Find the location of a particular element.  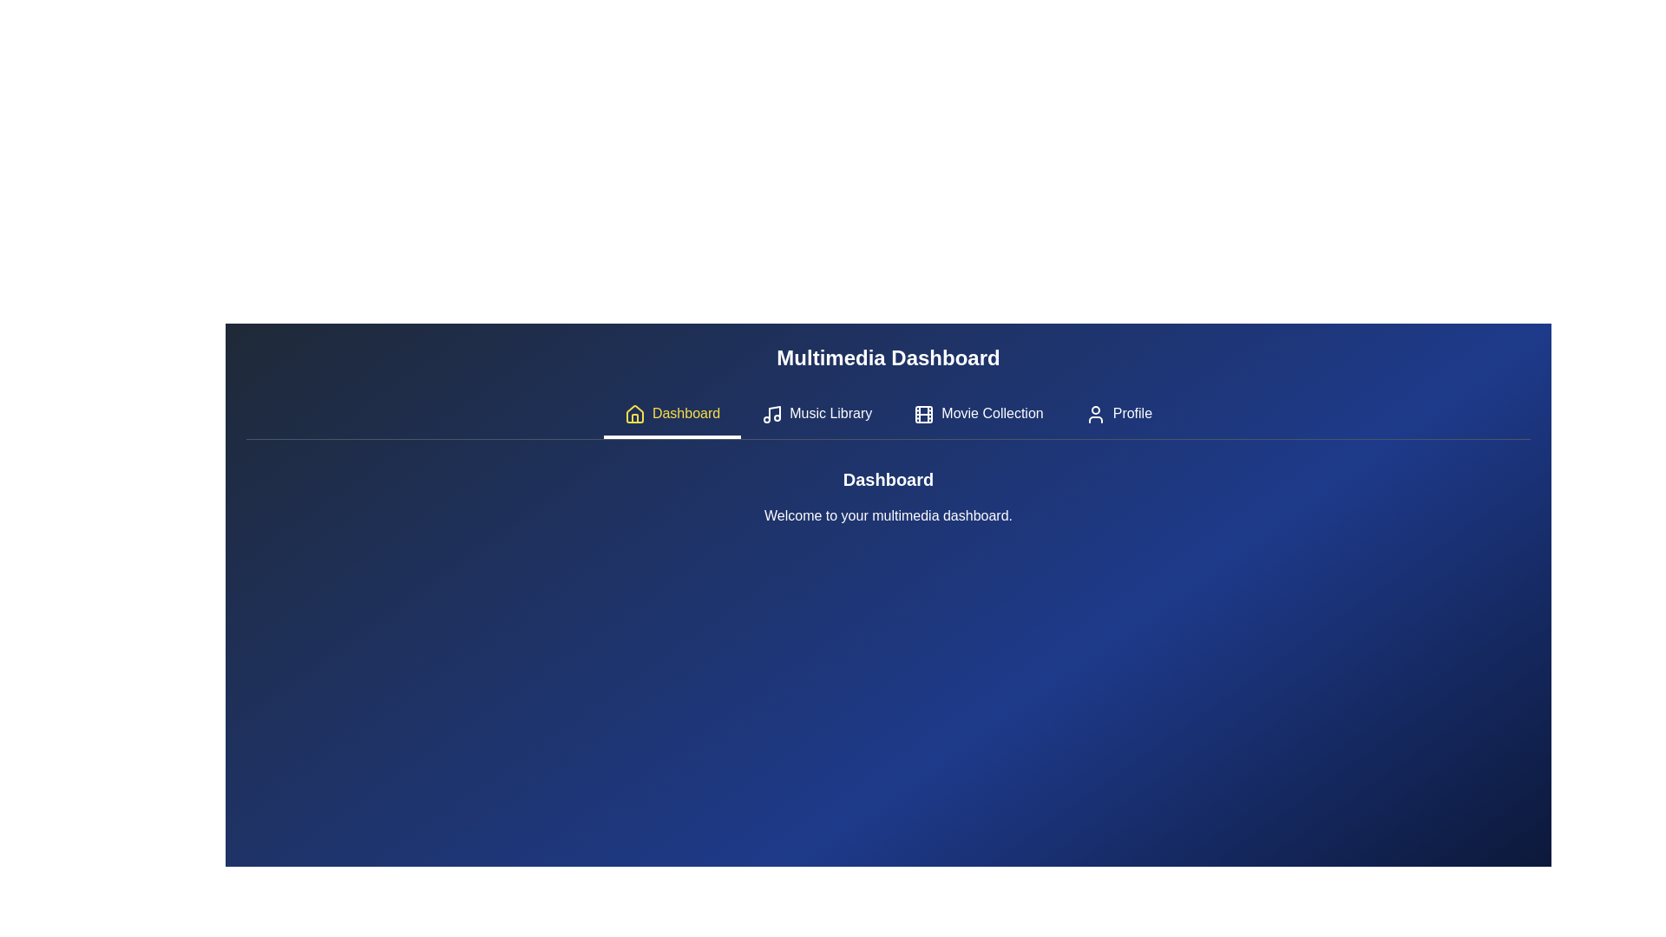

the tab labeled Dashboard to activate it is located at coordinates (671, 415).